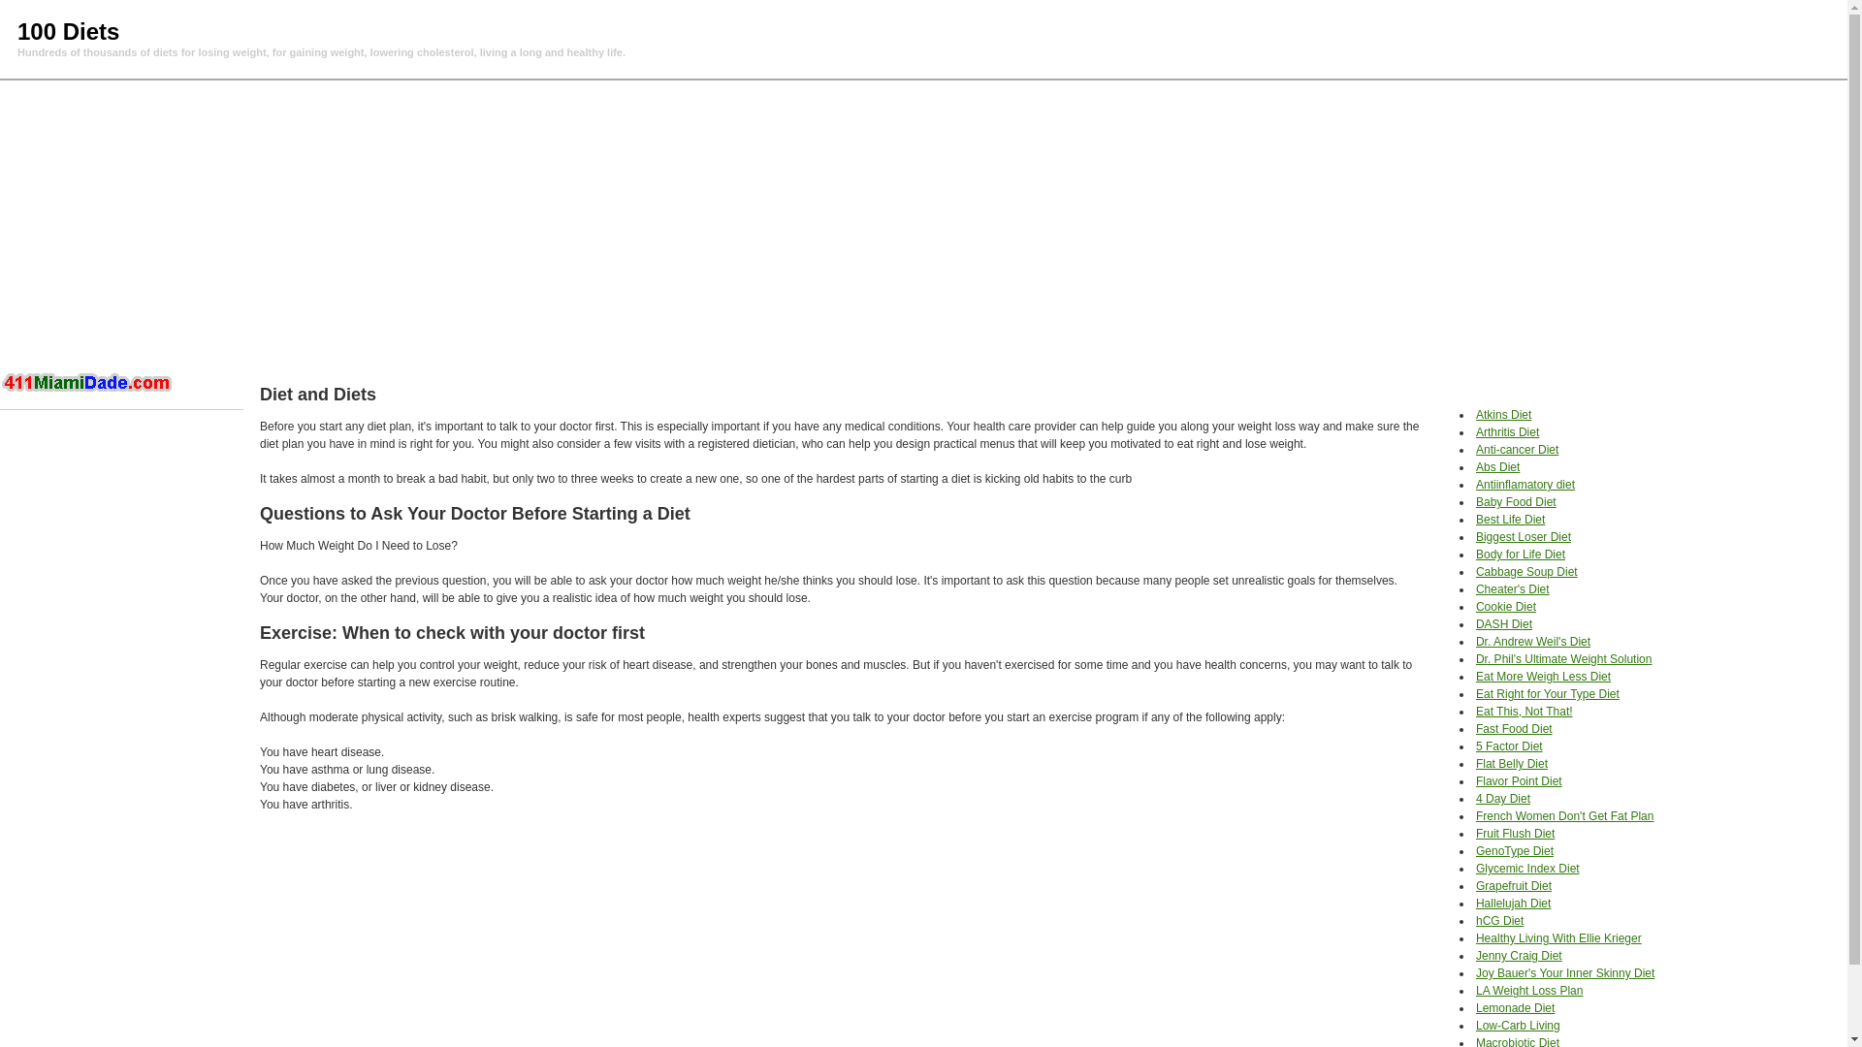 The height and width of the screenshot is (1047, 1862). Describe the element at coordinates (1512, 904) in the screenshot. I see `'Hallelujah Diet'` at that location.